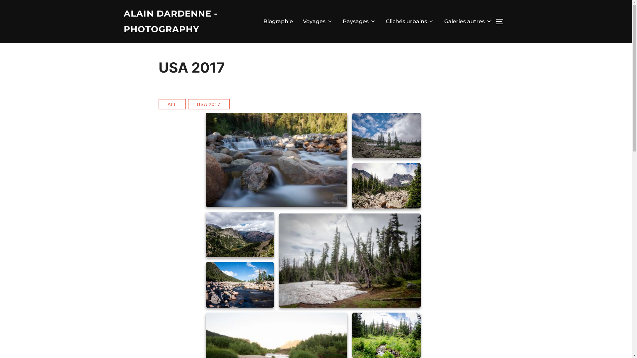  I want to click on 'Voyages', so click(317, 21).